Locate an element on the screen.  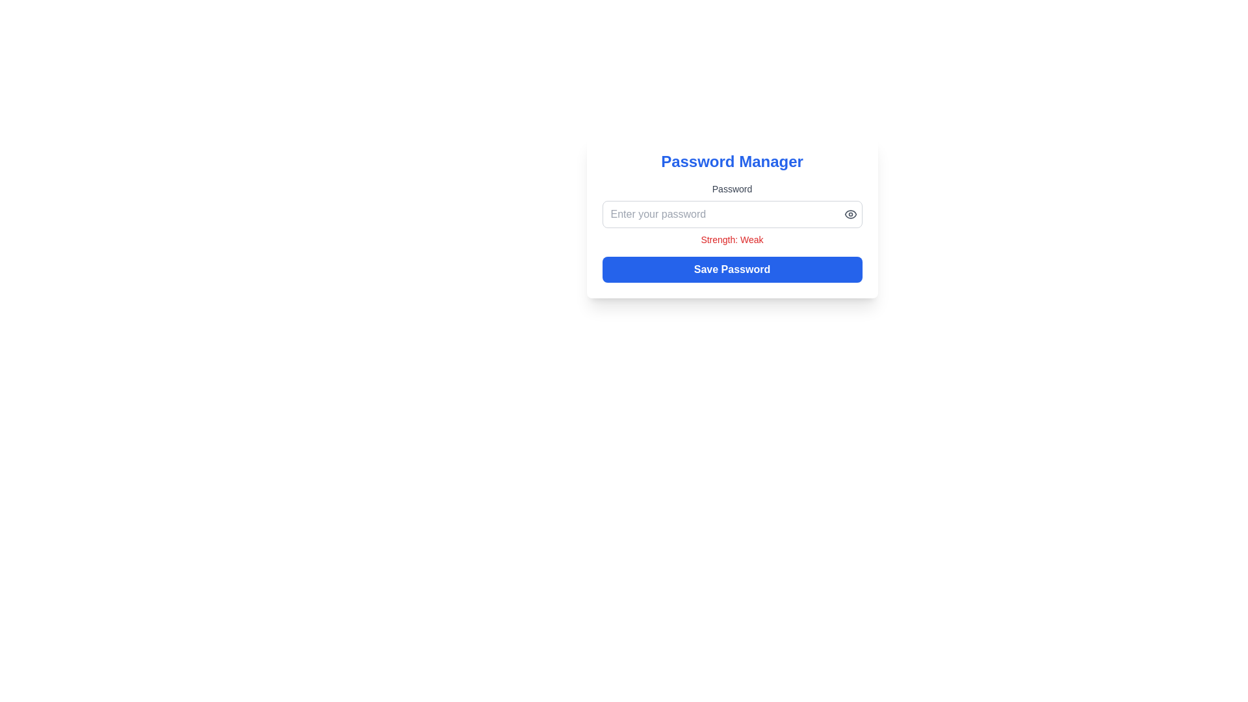
the blue 'Save Password' button with white text that is located below the text 'Strength: Weak' is located at coordinates (732, 269).